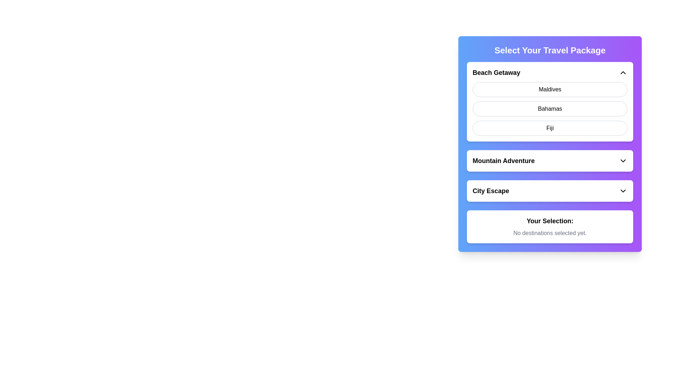  I want to click on the chevron icon used to collapse the 'Beach Getaway' menu in the 'Select Your Travel Package' interface, so click(622, 73).